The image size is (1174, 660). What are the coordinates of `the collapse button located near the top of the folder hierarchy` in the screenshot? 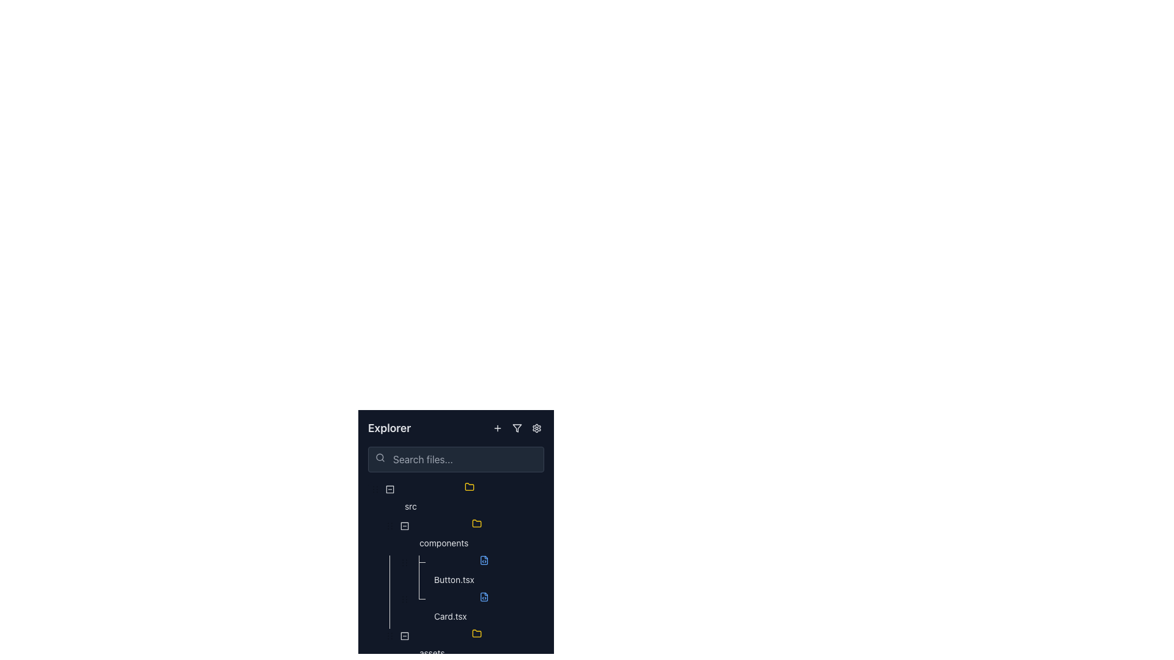 It's located at (405, 525).